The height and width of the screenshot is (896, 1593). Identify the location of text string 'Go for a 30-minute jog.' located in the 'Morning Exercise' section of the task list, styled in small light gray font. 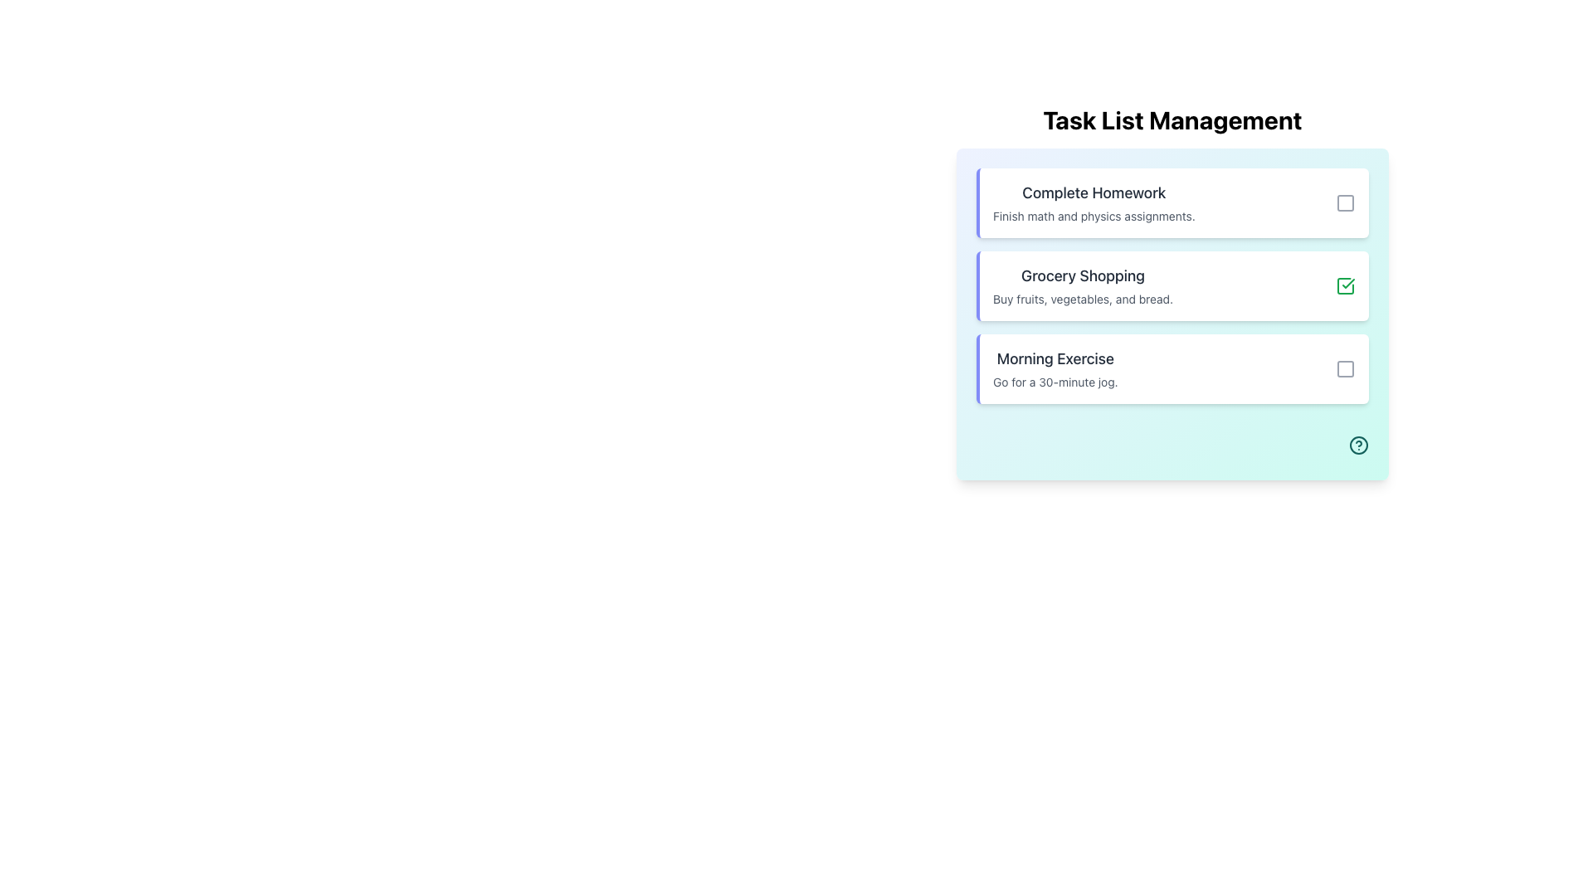
(1055, 382).